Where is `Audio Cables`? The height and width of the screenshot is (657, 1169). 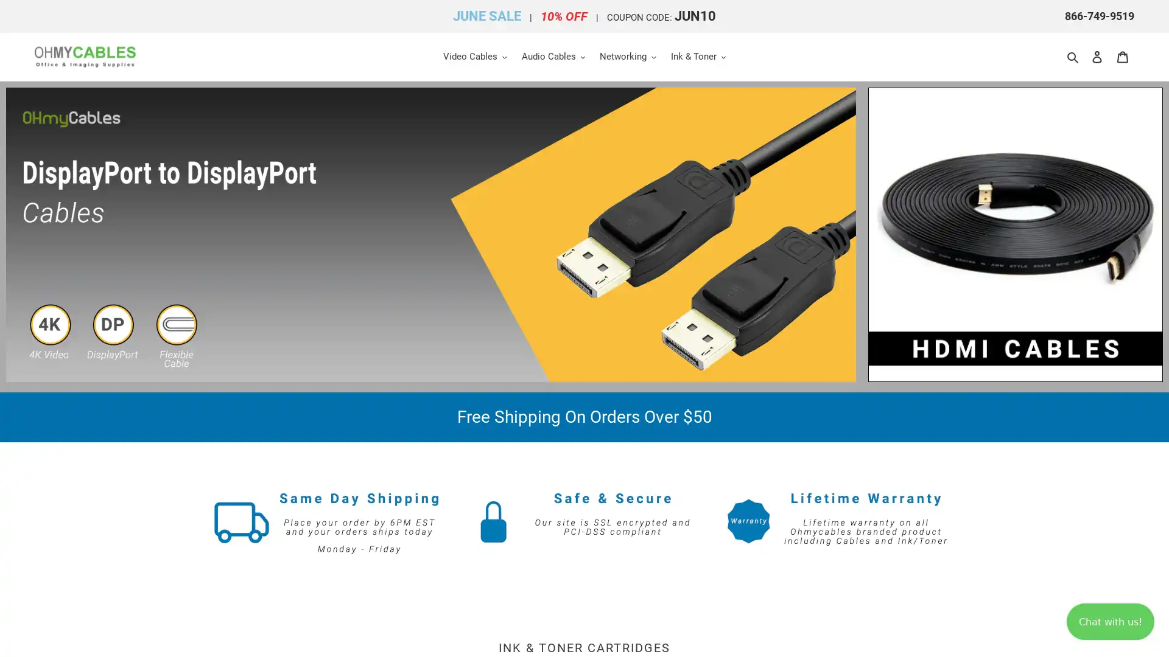 Audio Cables is located at coordinates (552, 56).